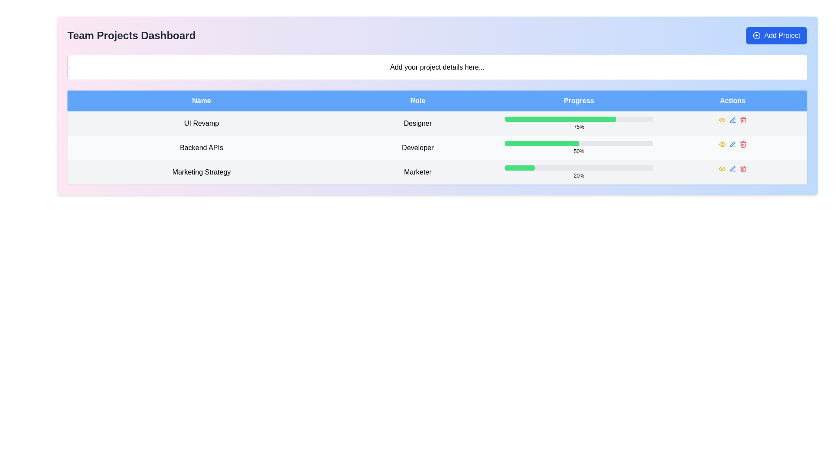 Image resolution: width=836 pixels, height=470 pixels. I want to click on the progress bar that visually represents the progress of a specific task, currently at 50%, located in the 'Progress' column of the row labeled 'Developer', so click(541, 143).